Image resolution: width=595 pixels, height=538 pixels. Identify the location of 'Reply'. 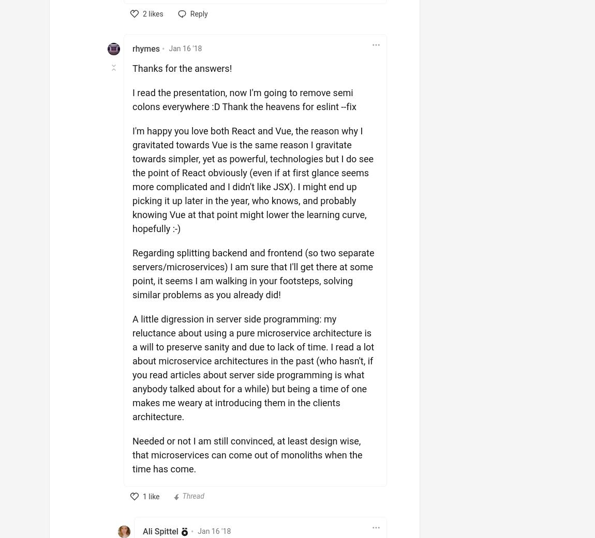
(198, 13).